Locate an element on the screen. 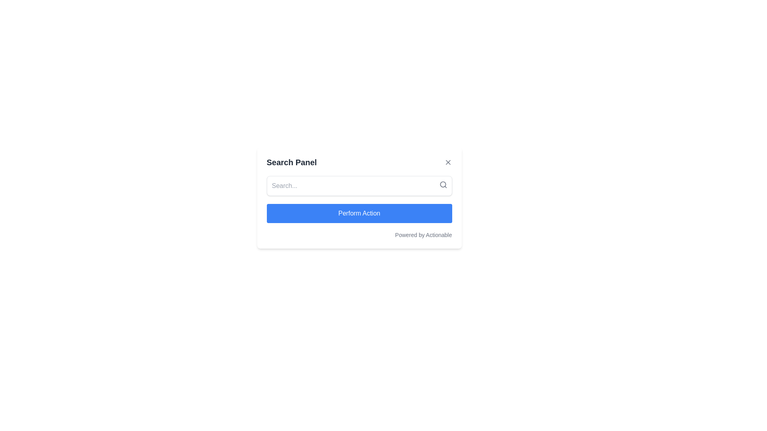 Image resolution: width=767 pixels, height=431 pixels. the close button icon located at the top-right corner of the 'Search Panel' is located at coordinates (448, 162).